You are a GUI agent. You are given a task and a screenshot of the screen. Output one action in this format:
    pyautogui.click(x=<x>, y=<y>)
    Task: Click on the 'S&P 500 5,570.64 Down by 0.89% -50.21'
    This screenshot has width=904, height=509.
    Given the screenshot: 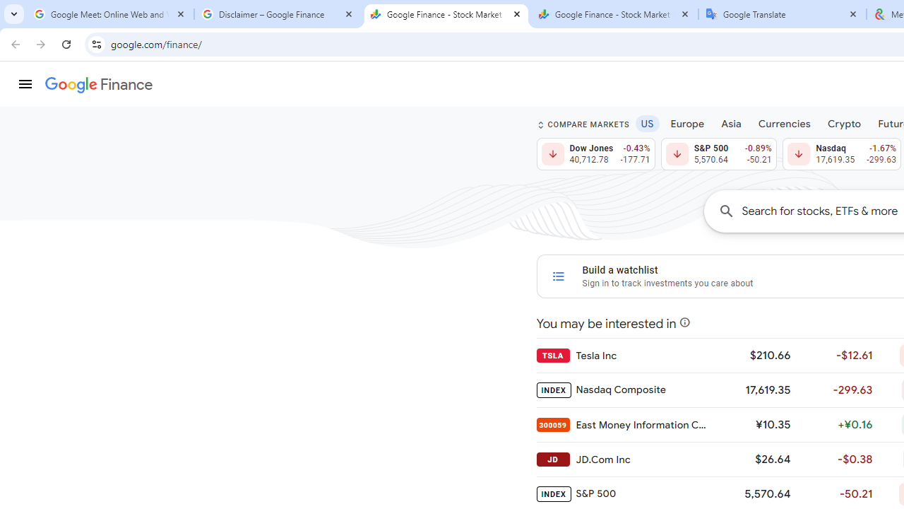 What is the action you would take?
    pyautogui.click(x=718, y=154)
    